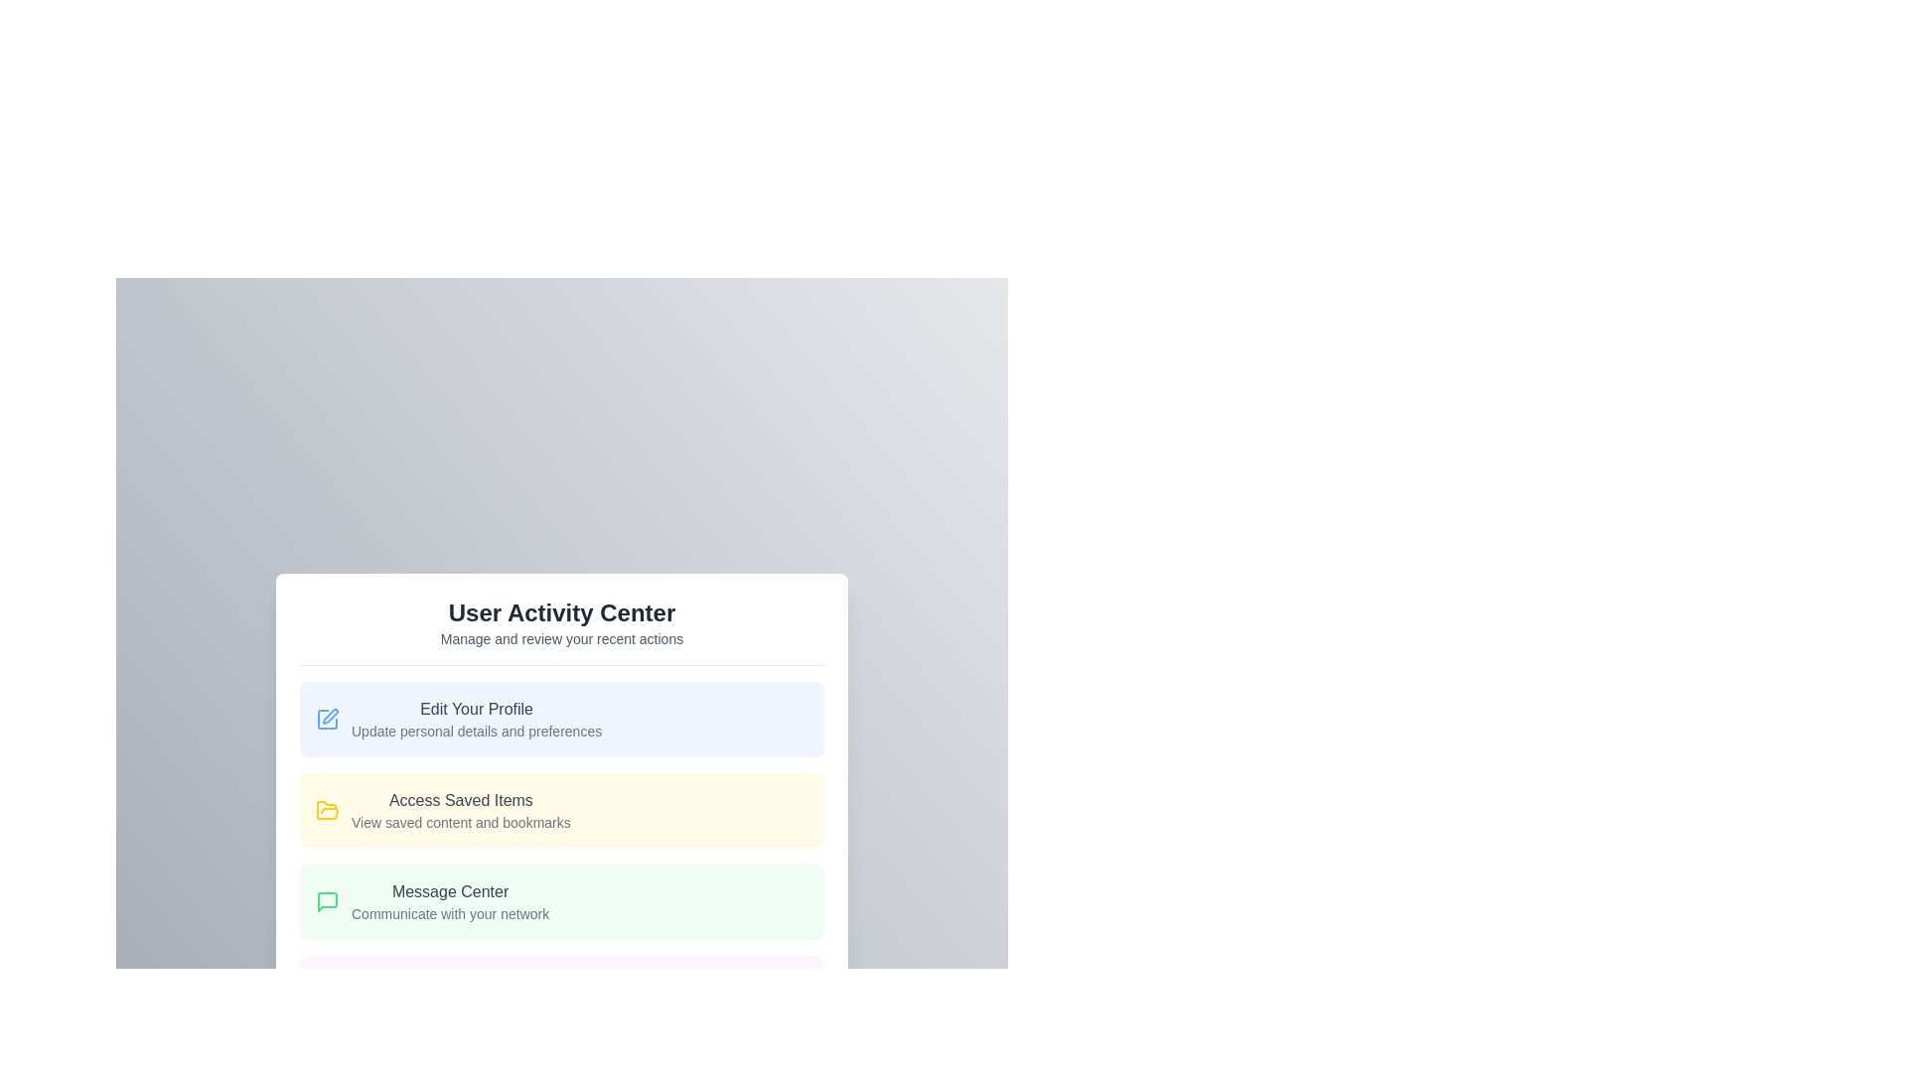 The image size is (1907, 1072). Describe the element at coordinates (449, 890) in the screenshot. I see `static text label 'Message Center' which is displayed in a medium-weight font and dark gray color, located within a card in the lower section of the central list` at that location.